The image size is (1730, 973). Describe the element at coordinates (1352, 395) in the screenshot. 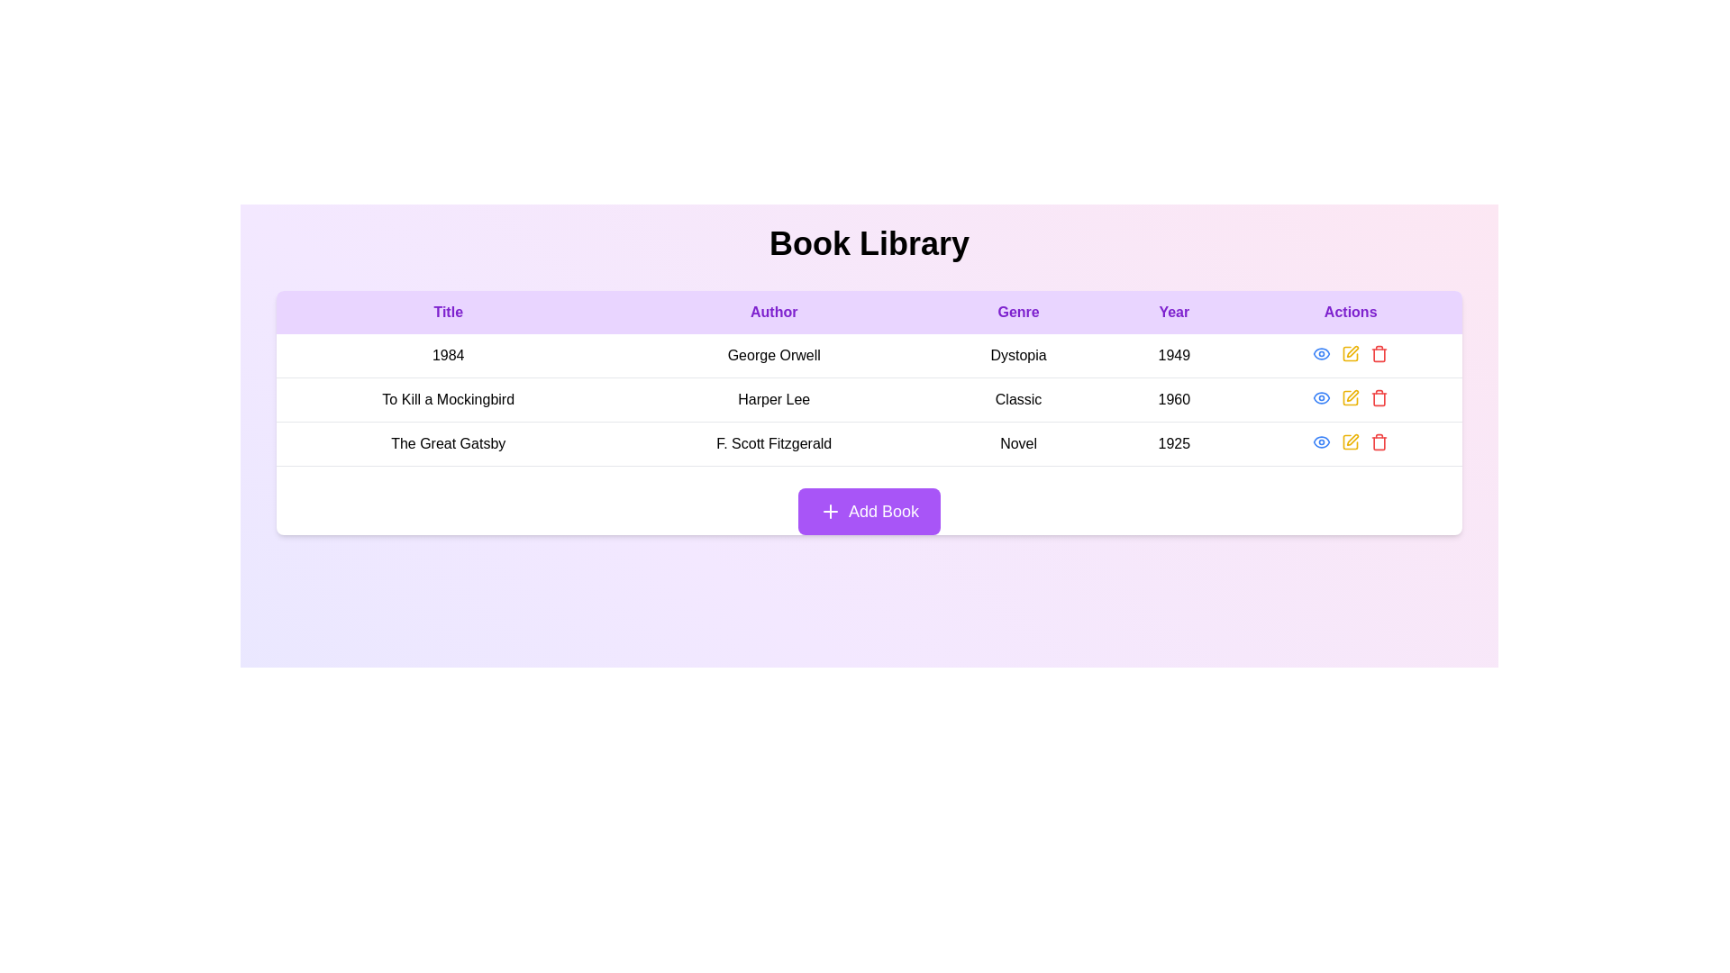

I see `the 'edit' icon in the 'Actions' column of the second row for the book 'To Kill a Mockingbird'` at that location.